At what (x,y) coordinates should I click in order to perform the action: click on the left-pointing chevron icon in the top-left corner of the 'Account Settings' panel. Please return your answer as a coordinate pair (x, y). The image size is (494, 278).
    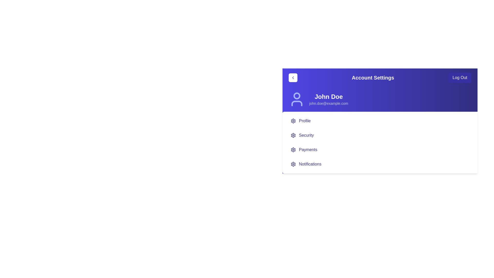
    Looking at the image, I should click on (293, 77).